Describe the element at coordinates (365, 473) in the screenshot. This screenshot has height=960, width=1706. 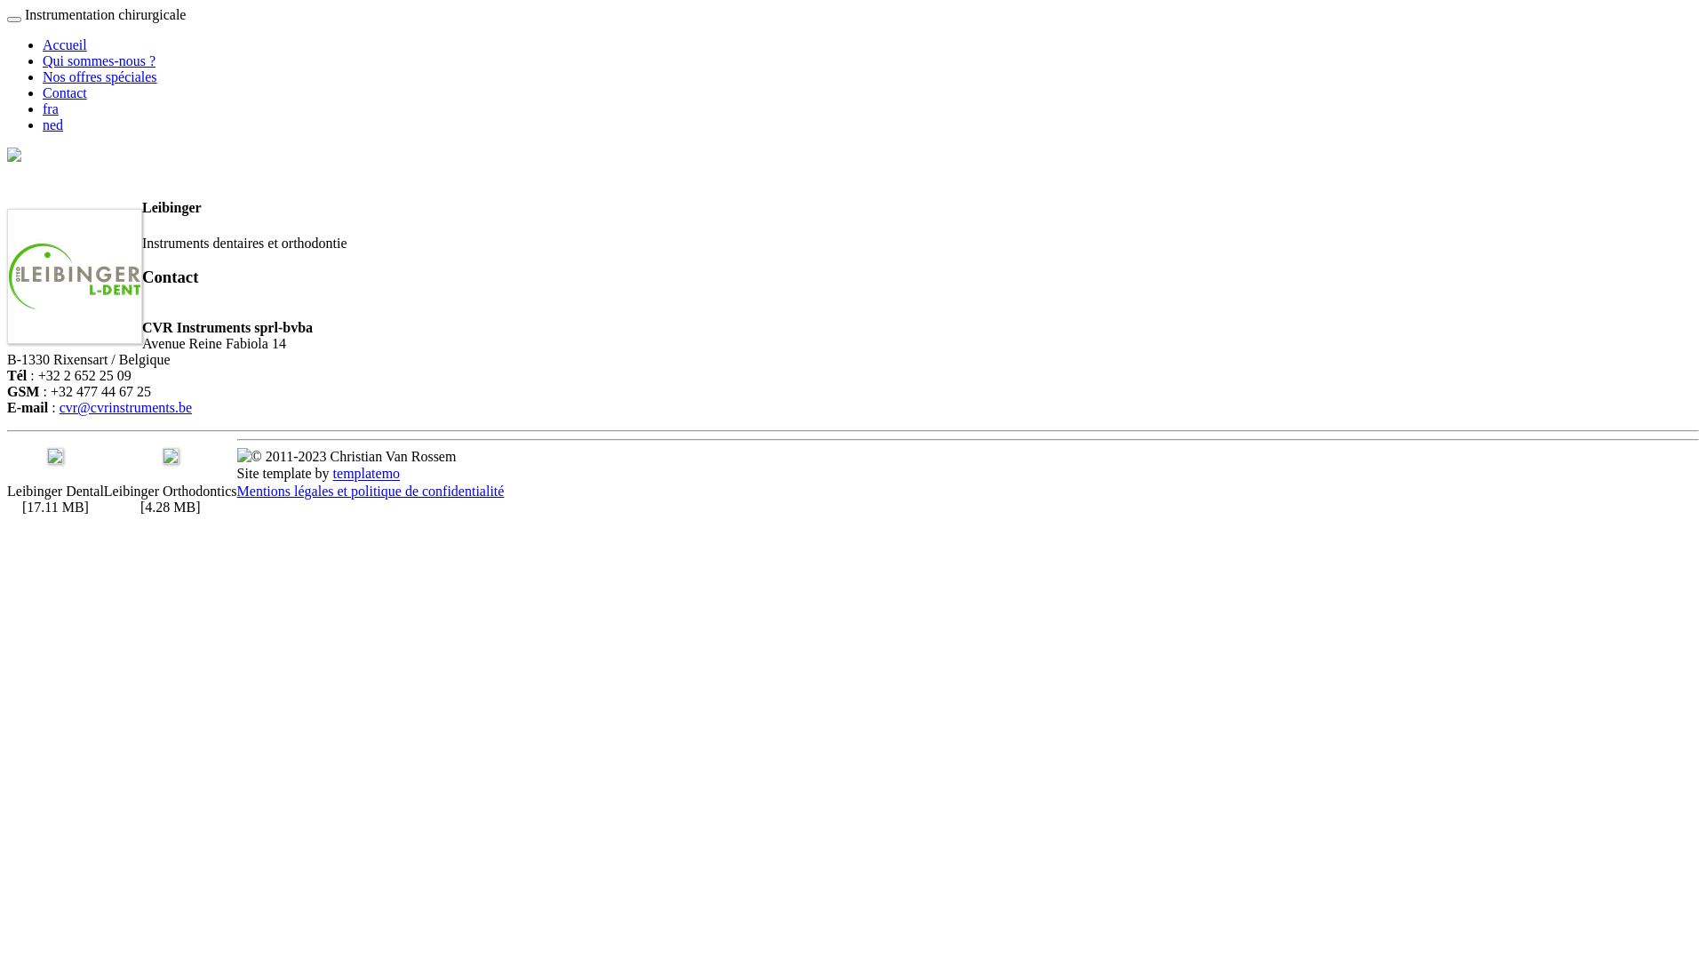
I see `'templatemo'` at that location.